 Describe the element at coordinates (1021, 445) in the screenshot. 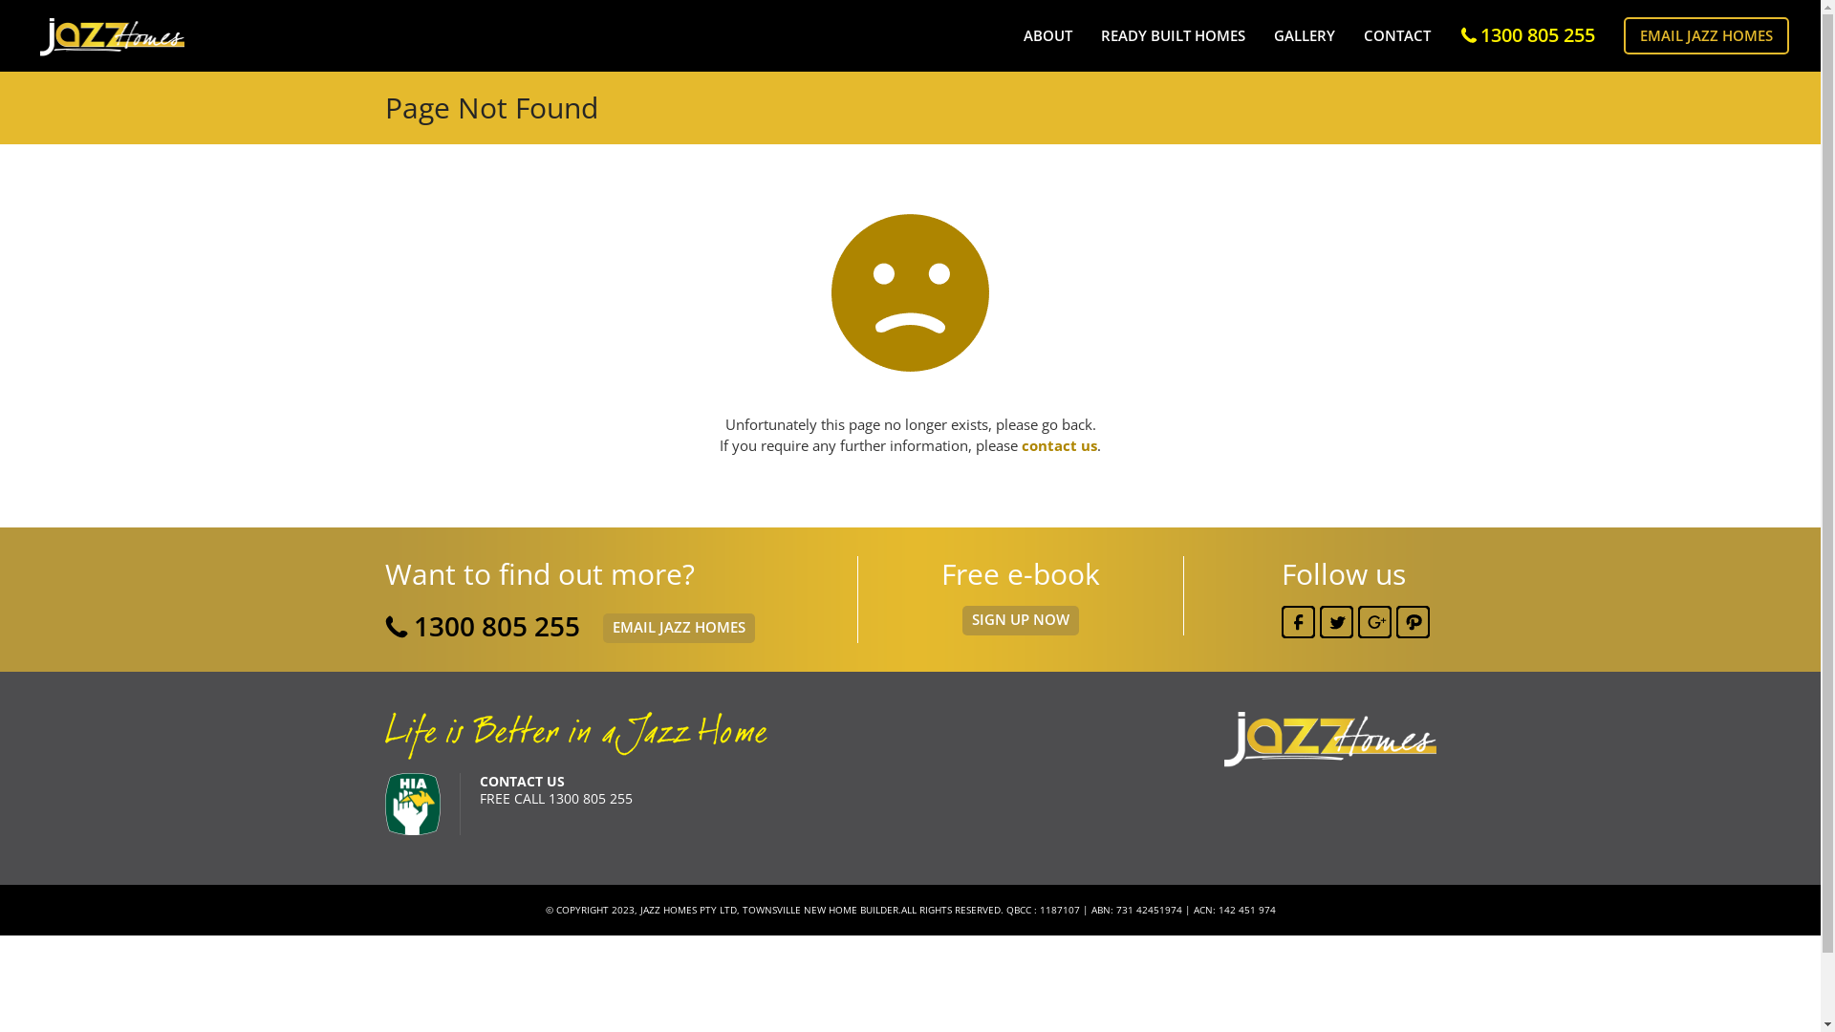

I see `'contact us'` at that location.